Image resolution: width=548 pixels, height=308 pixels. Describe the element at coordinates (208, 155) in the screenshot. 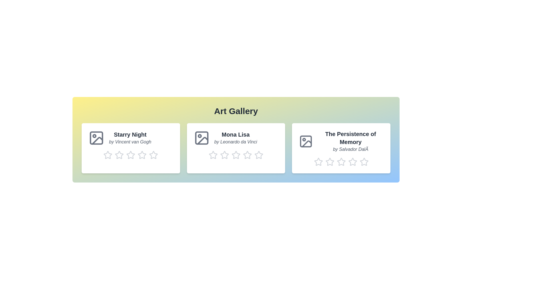

I see `the rating of artwork 2 to 1 stars` at that location.